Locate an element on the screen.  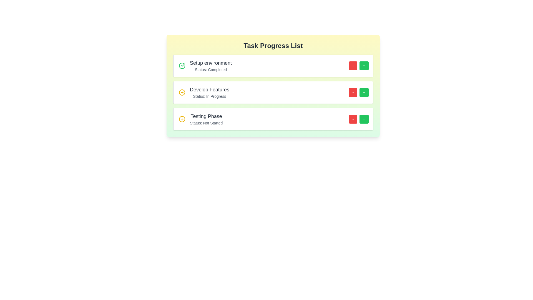
the decrease button for the task 'Develop Features' is located at coordinates (353, 92).